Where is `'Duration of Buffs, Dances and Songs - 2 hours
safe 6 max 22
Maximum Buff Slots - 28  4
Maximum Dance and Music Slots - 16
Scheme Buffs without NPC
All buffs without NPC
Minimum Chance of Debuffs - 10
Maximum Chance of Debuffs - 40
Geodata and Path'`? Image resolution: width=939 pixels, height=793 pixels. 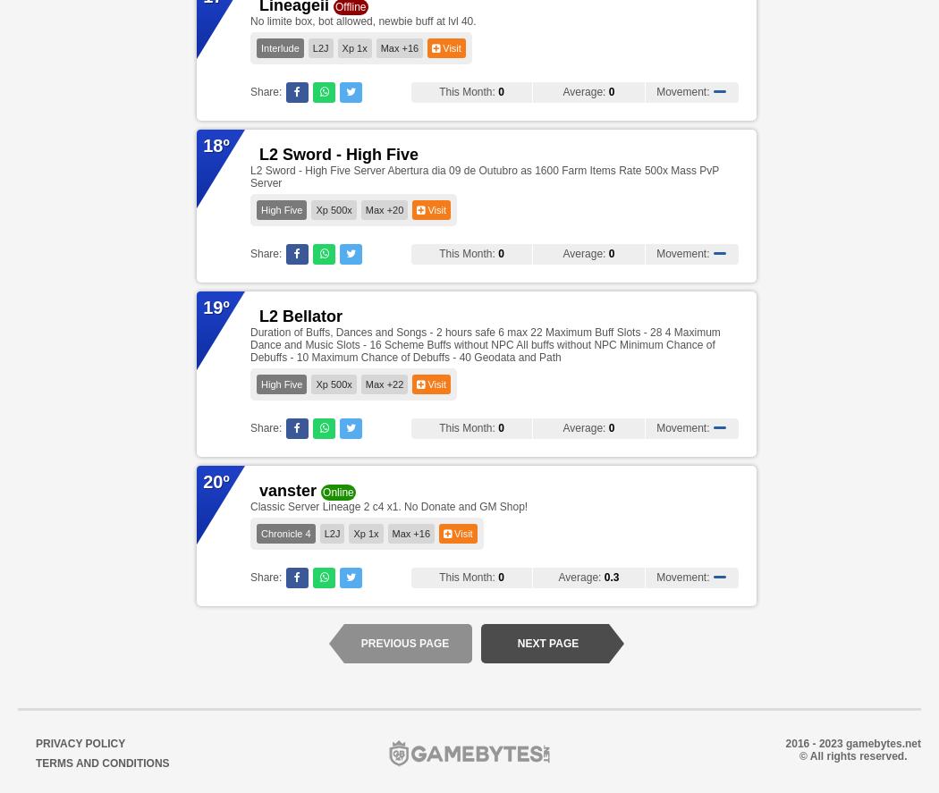 'Duration of Buffs, Dances and Songs - 2 hours
safe 6 max 22
Maximum Buff Slots - 28  4
Maximum Dance and Music Slots - 16
Scheme Buffs without NPC
All buffs without NPC
Minimum Chance of Debuffs - 10
Maximum Chance of Debuffs - 40
Geodata and Path' is located at coordinates (485, 344).